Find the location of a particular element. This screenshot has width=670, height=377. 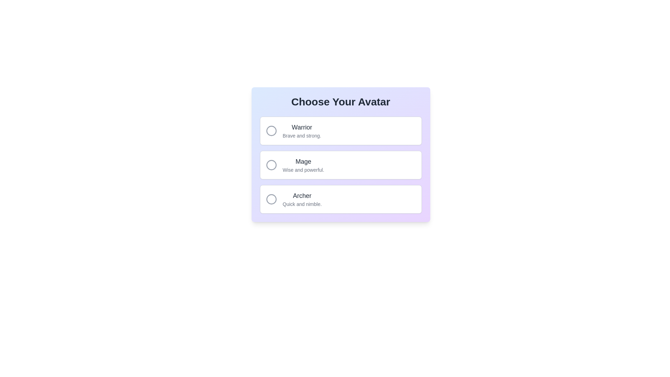

the static text that provides additional information about the 'Archer' avatar option, located below the text 'Archer' in the third option group of the avatar choices list is located at coordinates (302, 204).